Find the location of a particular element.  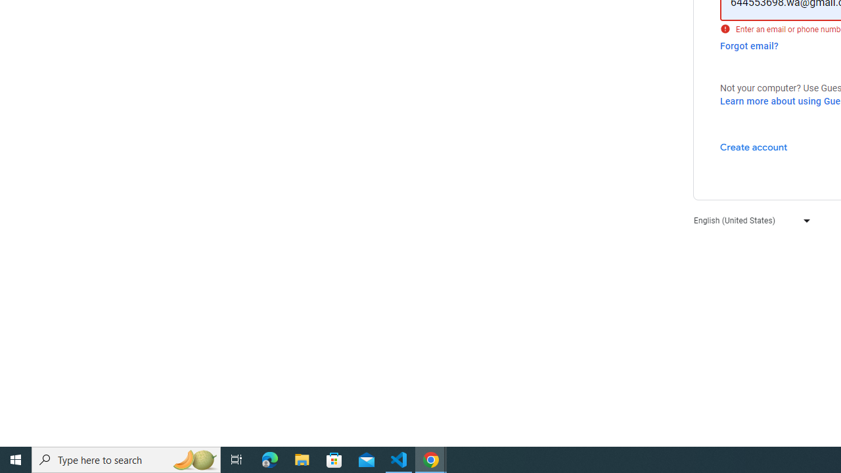

'Create account' is located at coordinates (753, 146).